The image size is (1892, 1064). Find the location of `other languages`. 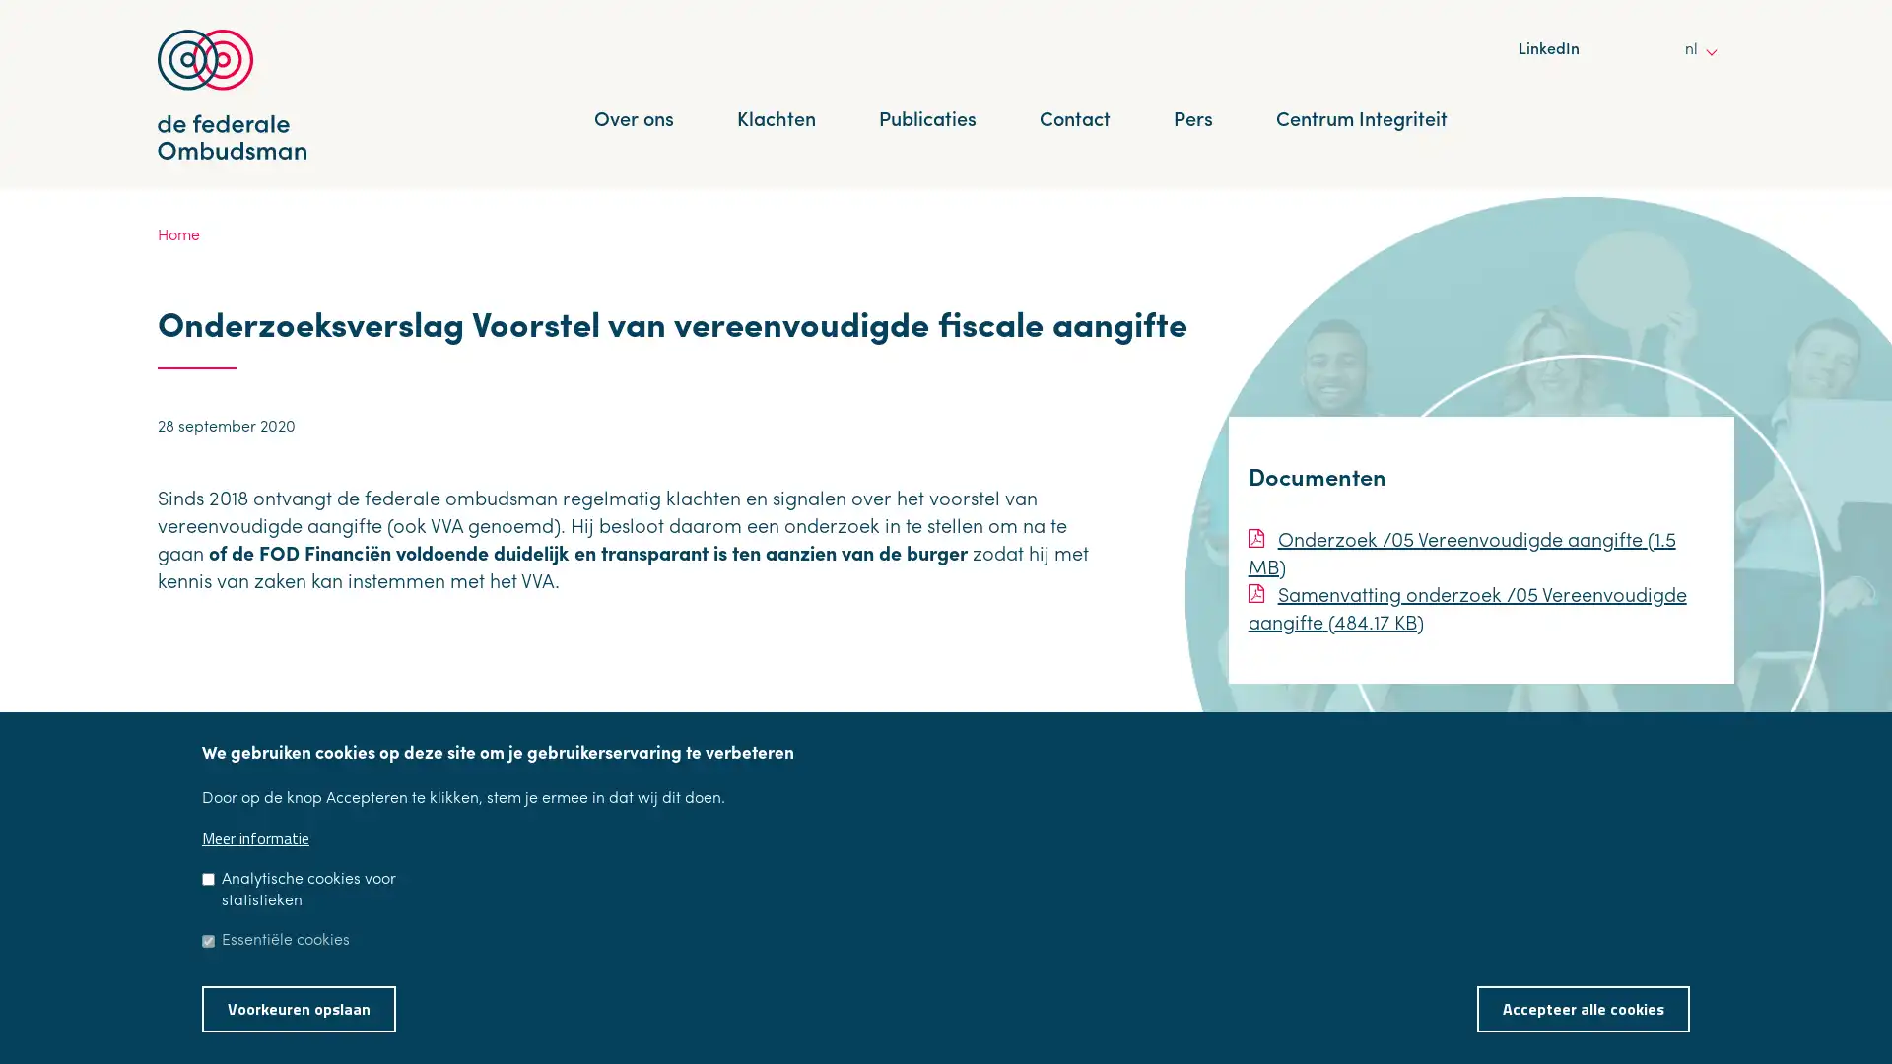

other languages is located at coordinates (1716, 48).